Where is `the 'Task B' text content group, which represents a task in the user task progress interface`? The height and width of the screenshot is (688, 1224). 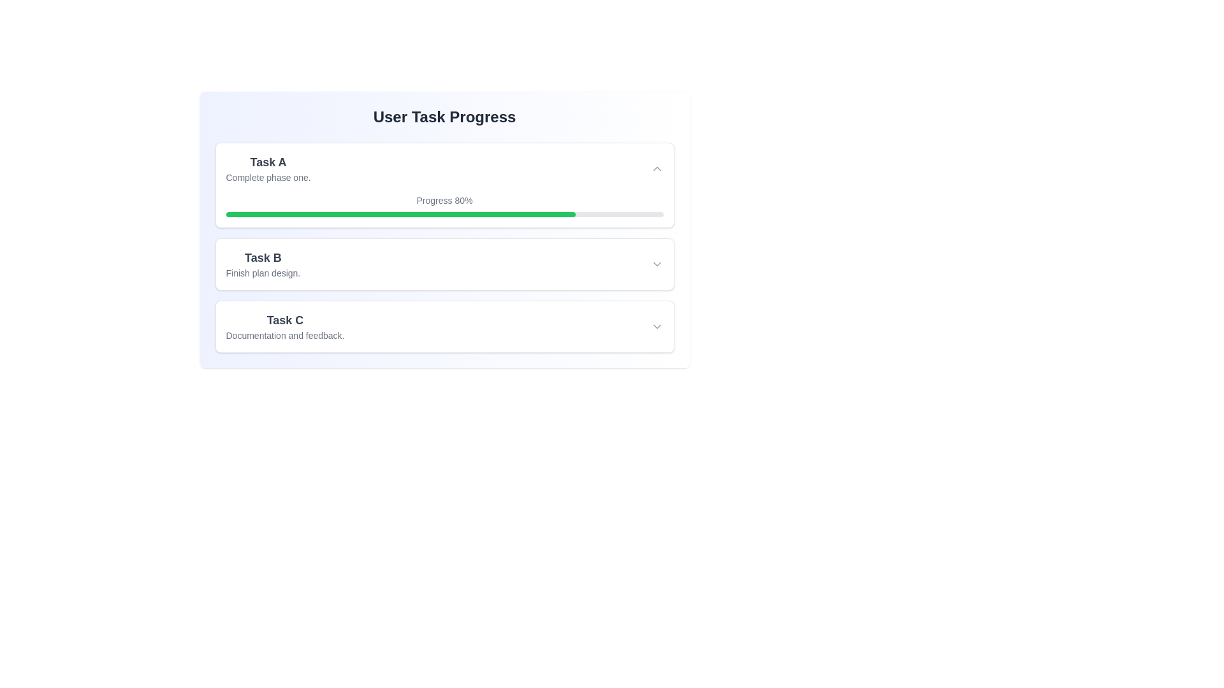
the 'Task B' text content group, which represents a task in the user task progress interface is located at coordinates (262, 264).